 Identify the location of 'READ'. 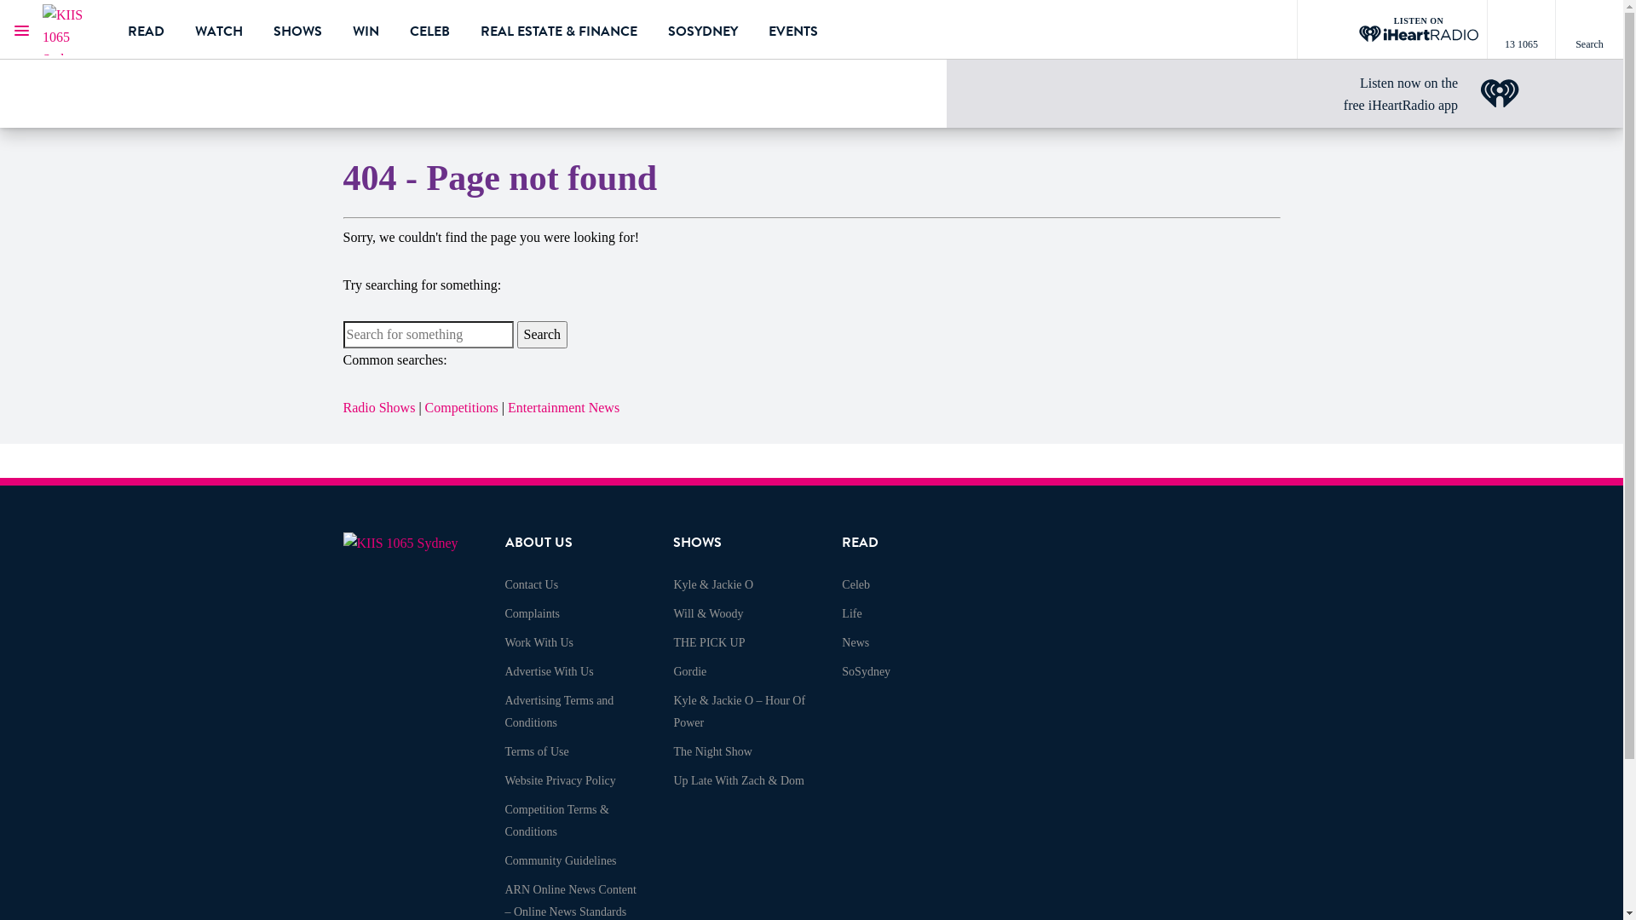
(126, 29).